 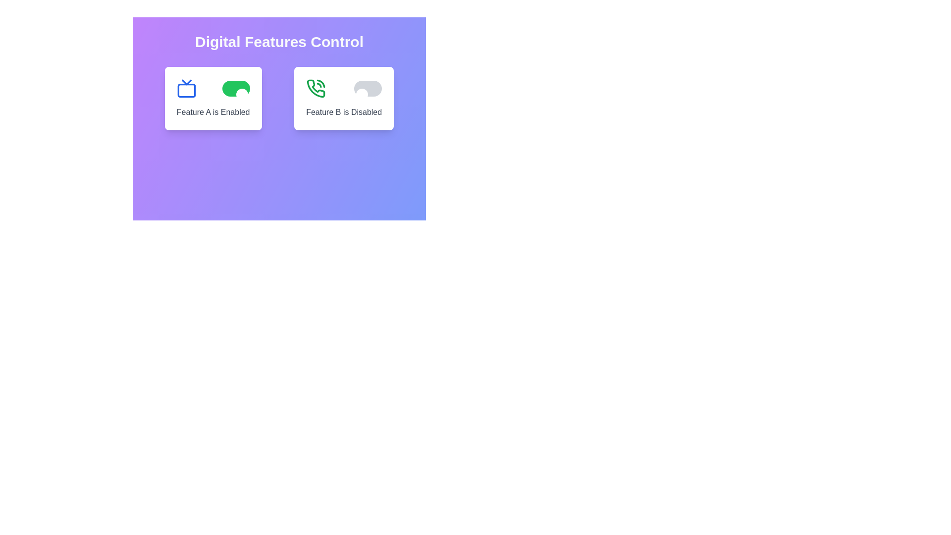 What do you see at coordinates (212, 88) in the screenshot?
I see `the toggle switch within the Compound element located in the card labeled 'Feature A is Enabled' to change its state` at bounding box center [212, 88].